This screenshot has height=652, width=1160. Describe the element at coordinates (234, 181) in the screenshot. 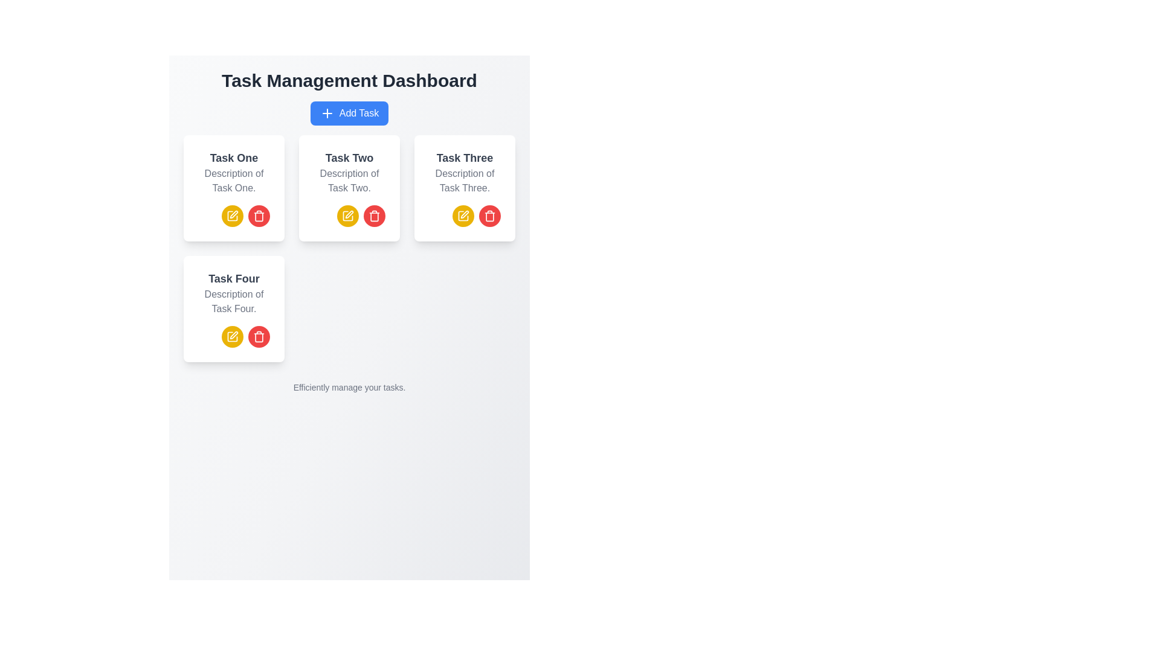

I see `the descriptive text display for 'Task One' located in the 'Task Management Dashboard', which is situated within a card structure beneath the title and above action buttons` at that location.